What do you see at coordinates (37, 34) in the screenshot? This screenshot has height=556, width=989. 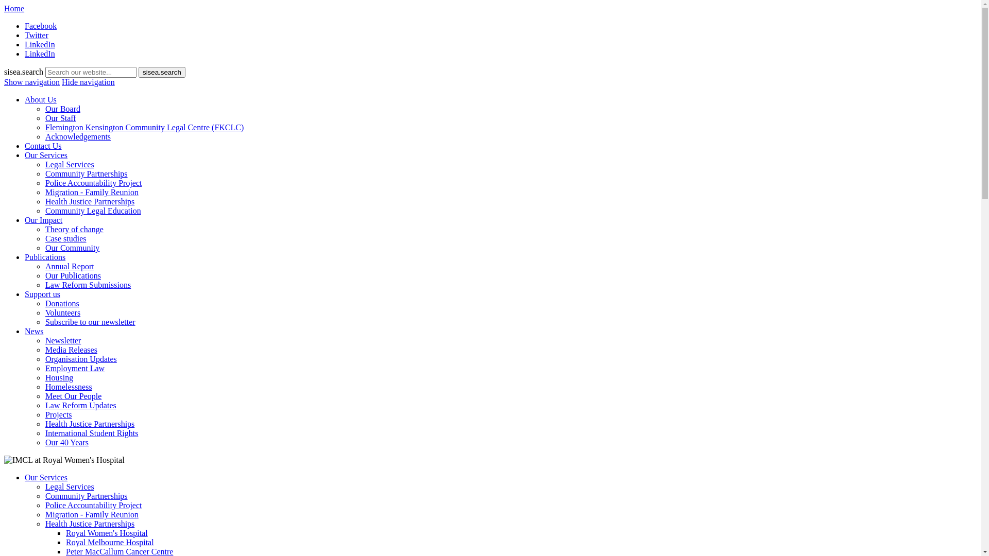 I see `'Twitter'` at bounding box center [37, 34].